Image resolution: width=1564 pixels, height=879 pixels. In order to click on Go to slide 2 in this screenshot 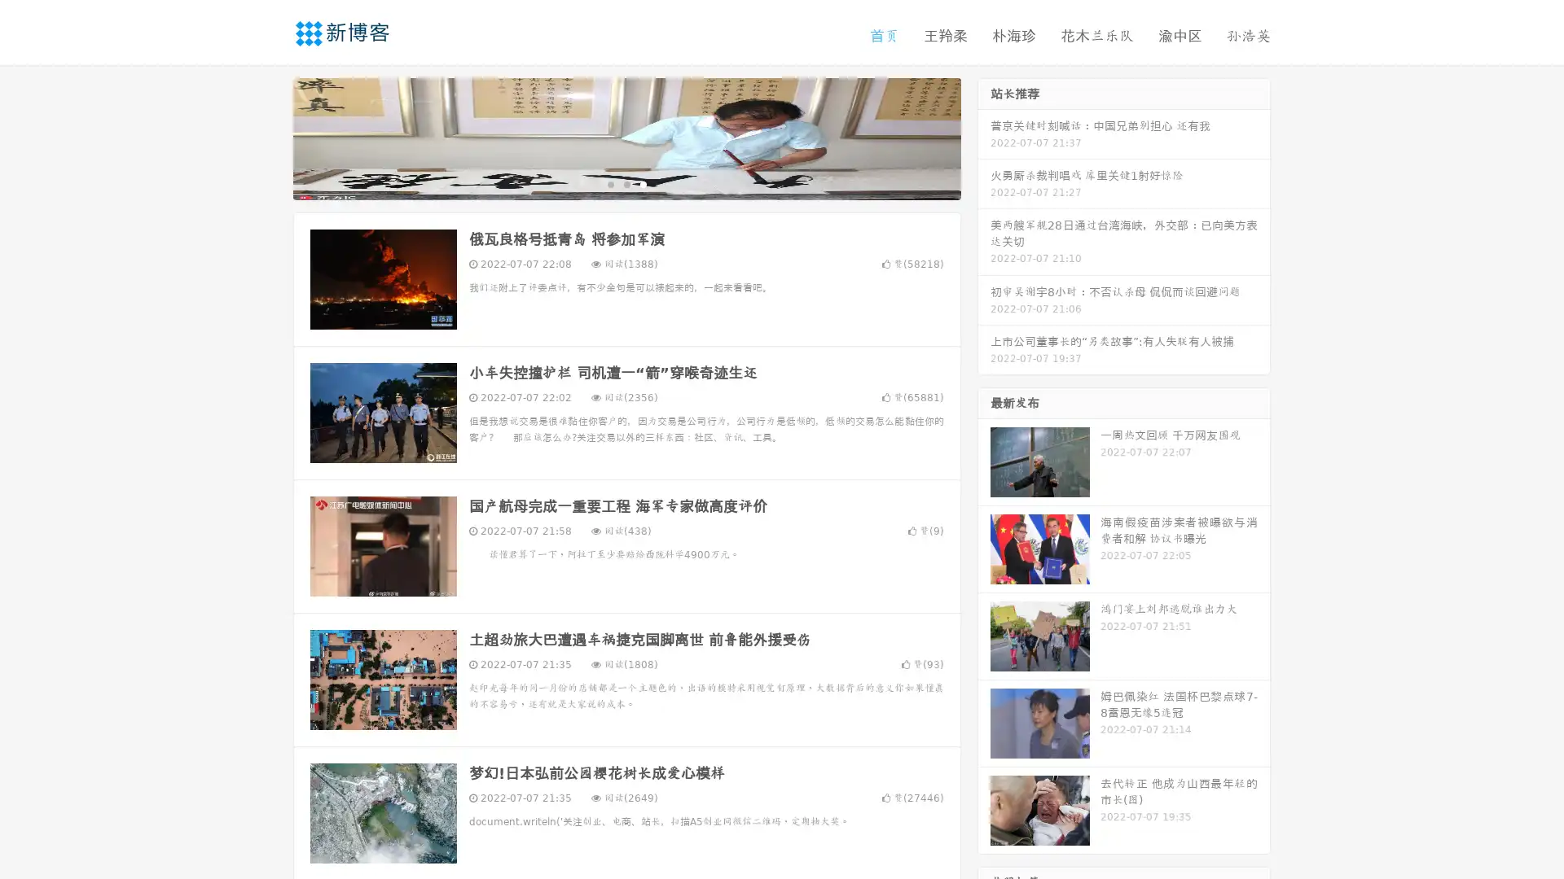, I will do `click(626, 183)`.